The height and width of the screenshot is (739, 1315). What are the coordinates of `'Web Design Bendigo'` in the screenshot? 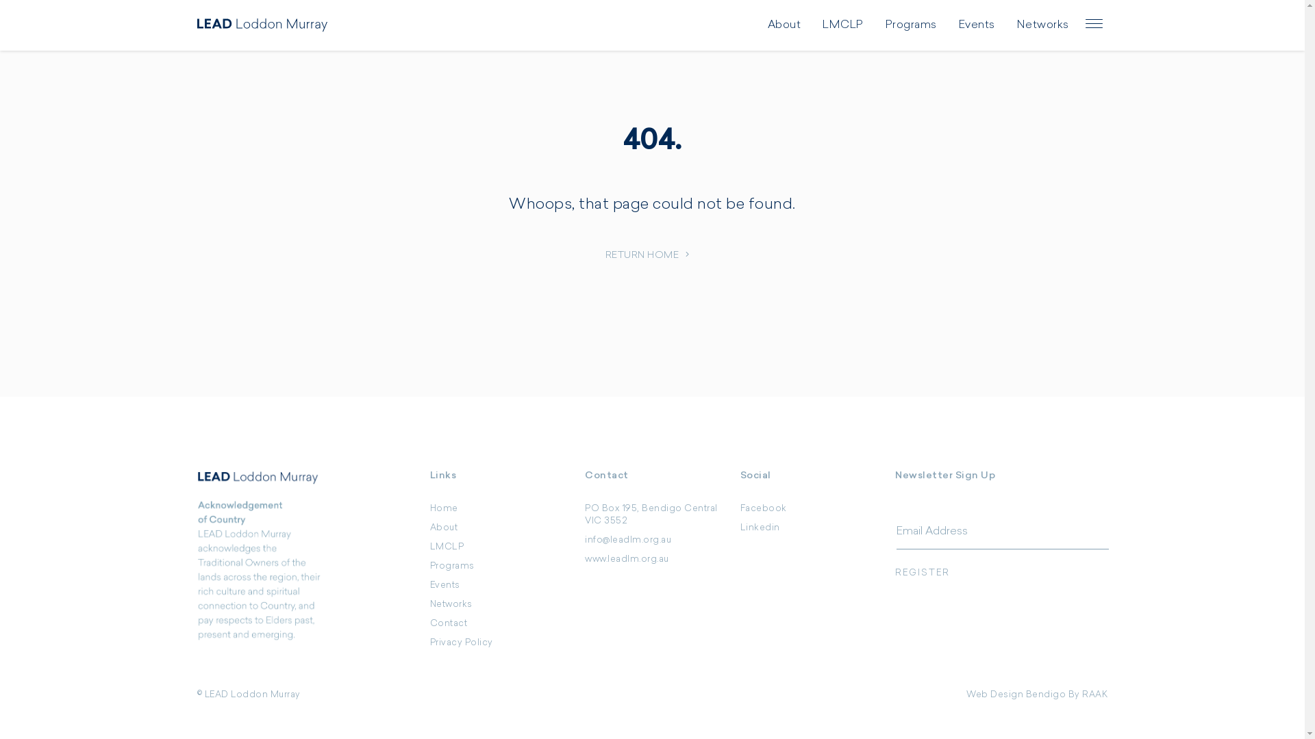 It's located at (1016, 695).